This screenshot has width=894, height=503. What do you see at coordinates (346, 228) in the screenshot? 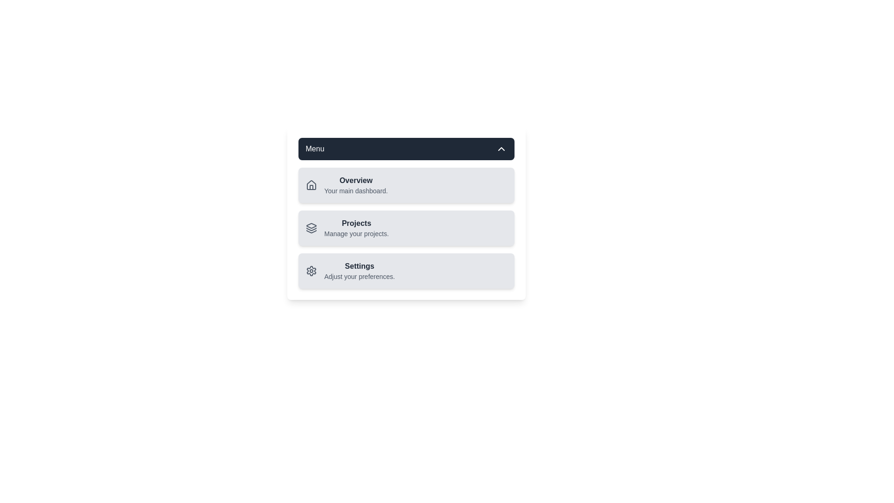
I see `the menu item corresponding to Projects` at bounding box center [346, 228].